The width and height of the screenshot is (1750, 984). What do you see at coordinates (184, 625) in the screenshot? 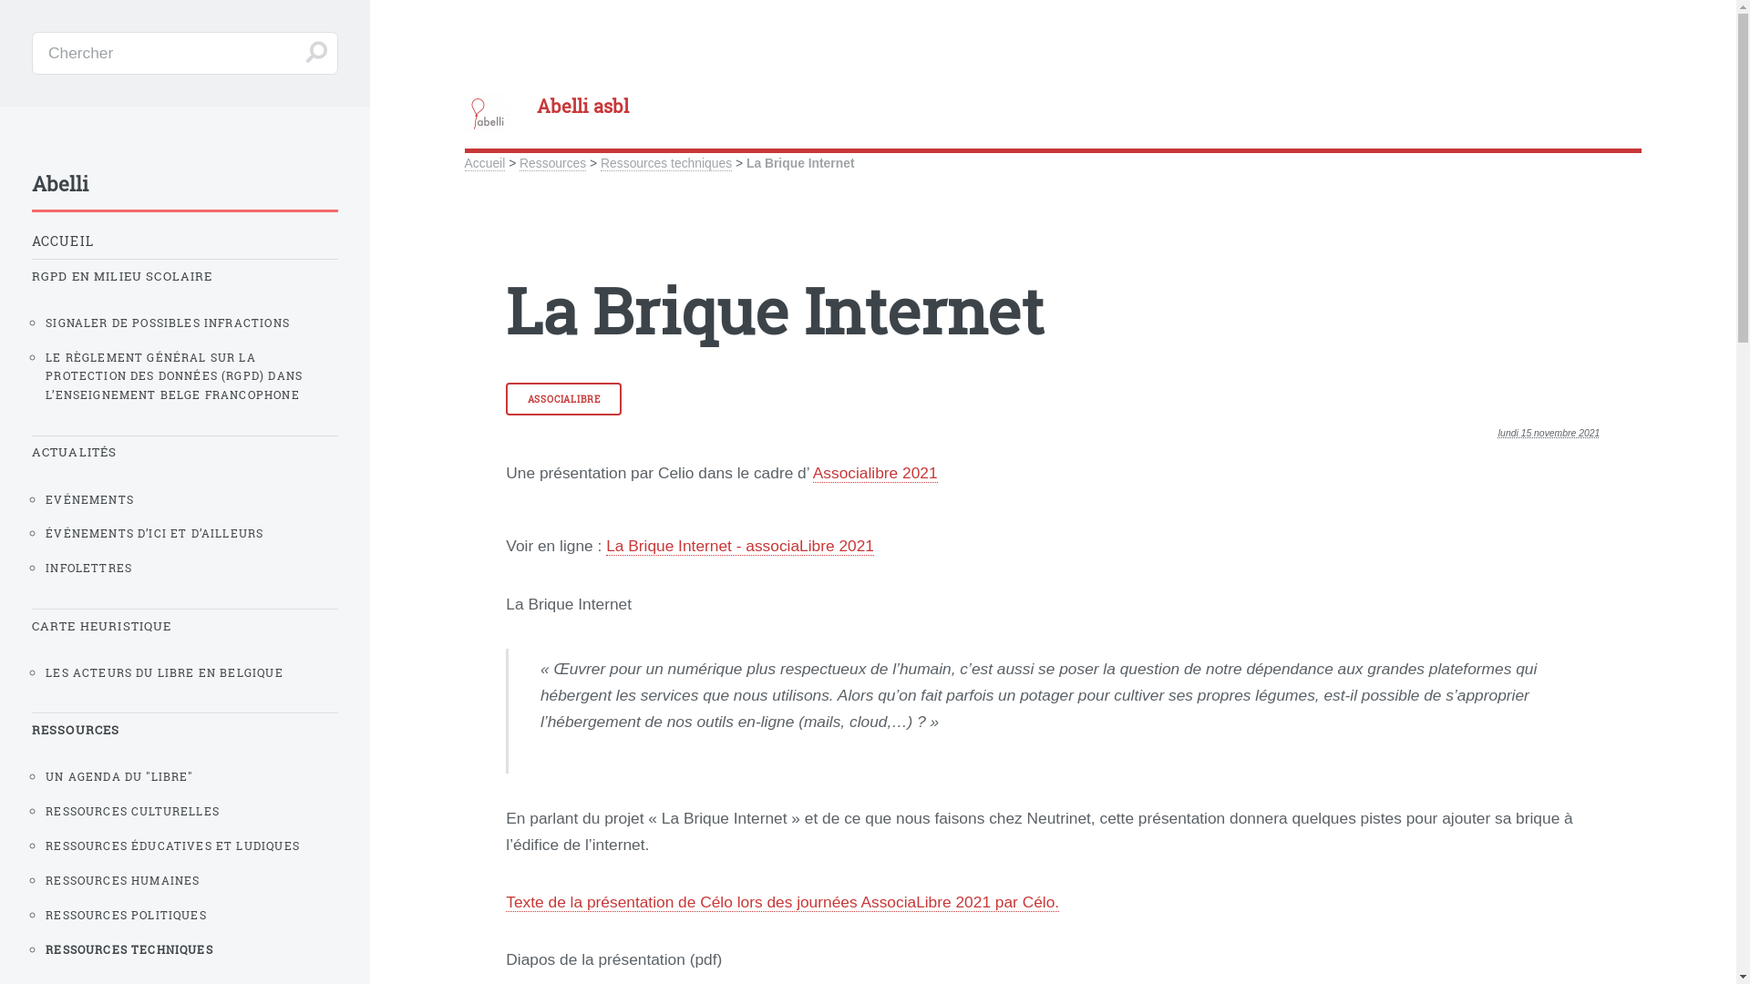
I see `'CARTE HEURISTIQUE'` at bounding box center [184, 625].